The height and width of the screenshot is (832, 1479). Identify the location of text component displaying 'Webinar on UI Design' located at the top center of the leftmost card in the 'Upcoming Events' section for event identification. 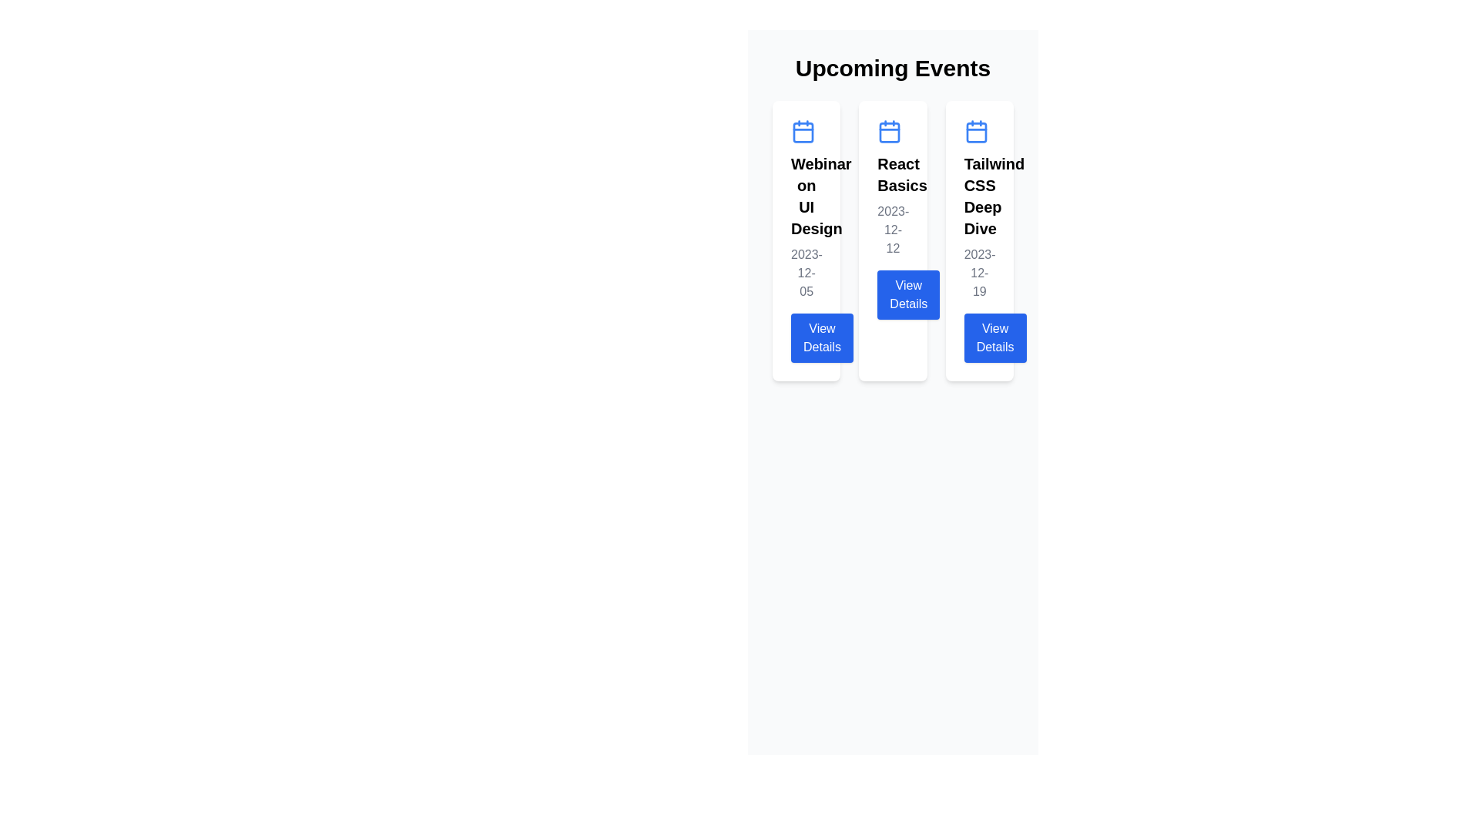
(806, 195).